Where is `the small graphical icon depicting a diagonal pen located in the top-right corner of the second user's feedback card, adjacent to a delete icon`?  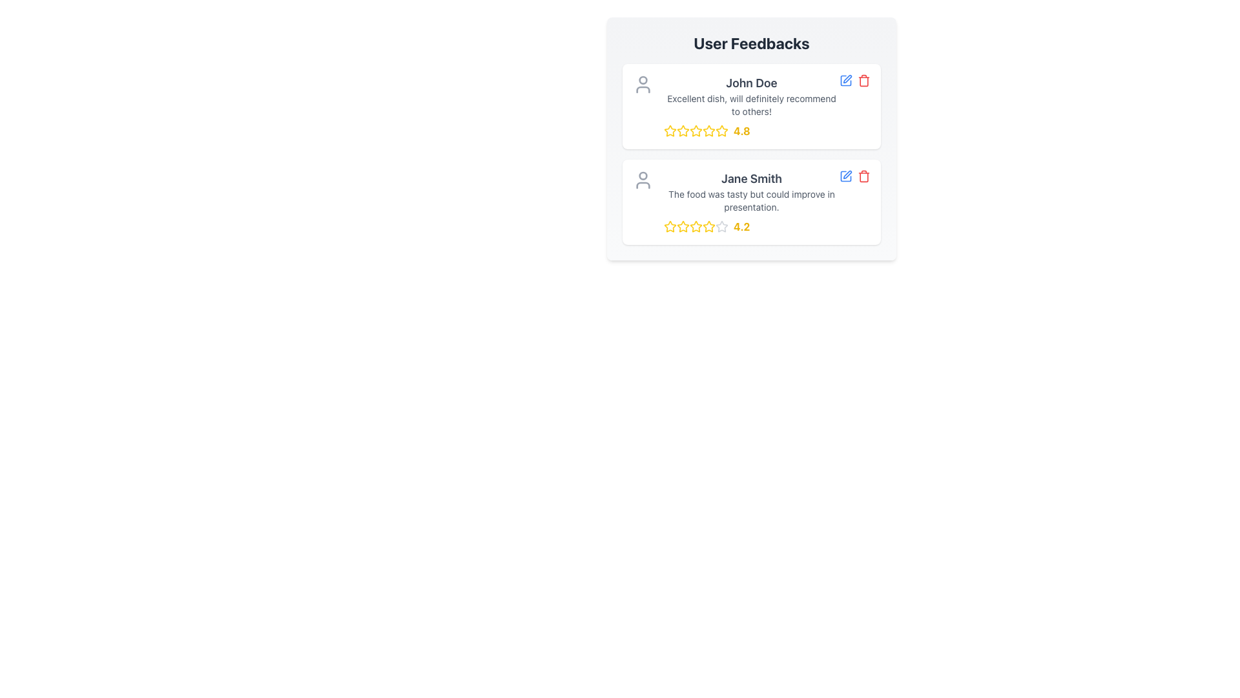 the small graphical icon depicting a diagonal pen located in the top-right corner of the second user's feedback card, adjacent to a delete icon is located at coordinates (847, 79).